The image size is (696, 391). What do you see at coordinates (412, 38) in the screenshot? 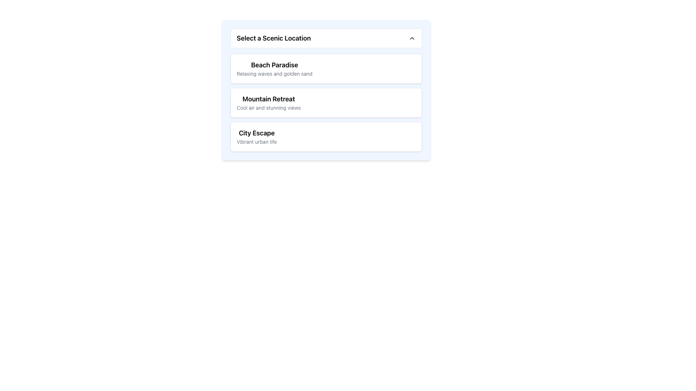
I see `the upward-pointing chevron SVG icon located at the top-right corner of the header labeled 'Select a Scenic Location'` at bounding box center [412, 38].